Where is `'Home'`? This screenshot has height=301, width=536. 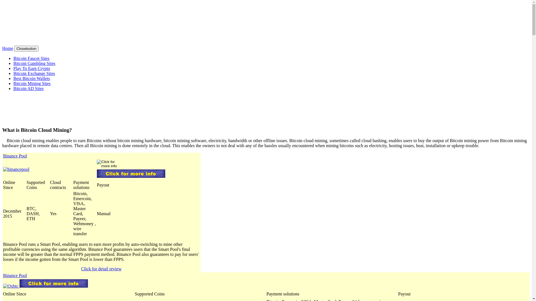 'Home' is located at coordinates (8, 48).